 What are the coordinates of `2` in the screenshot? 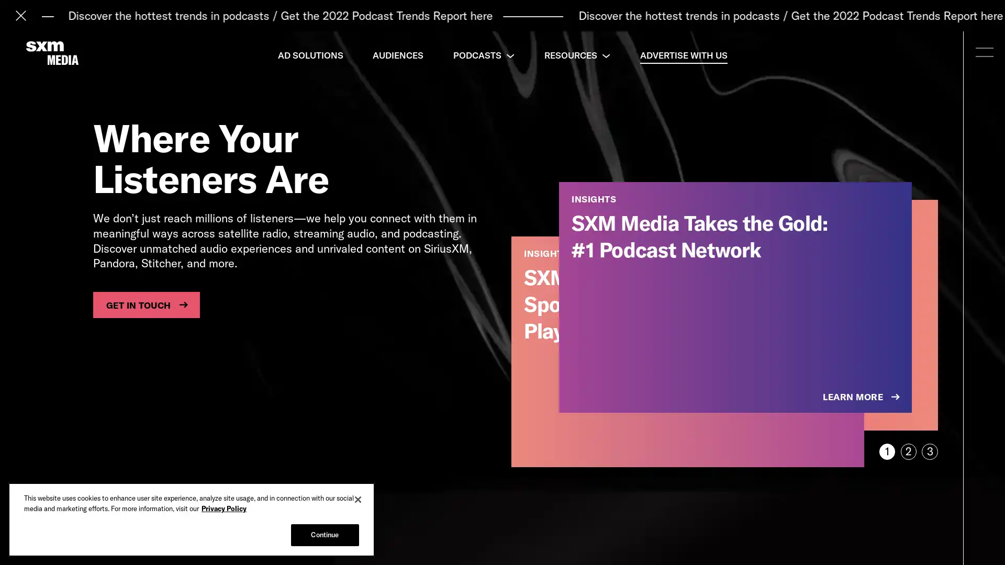 It's located at (908, 451).